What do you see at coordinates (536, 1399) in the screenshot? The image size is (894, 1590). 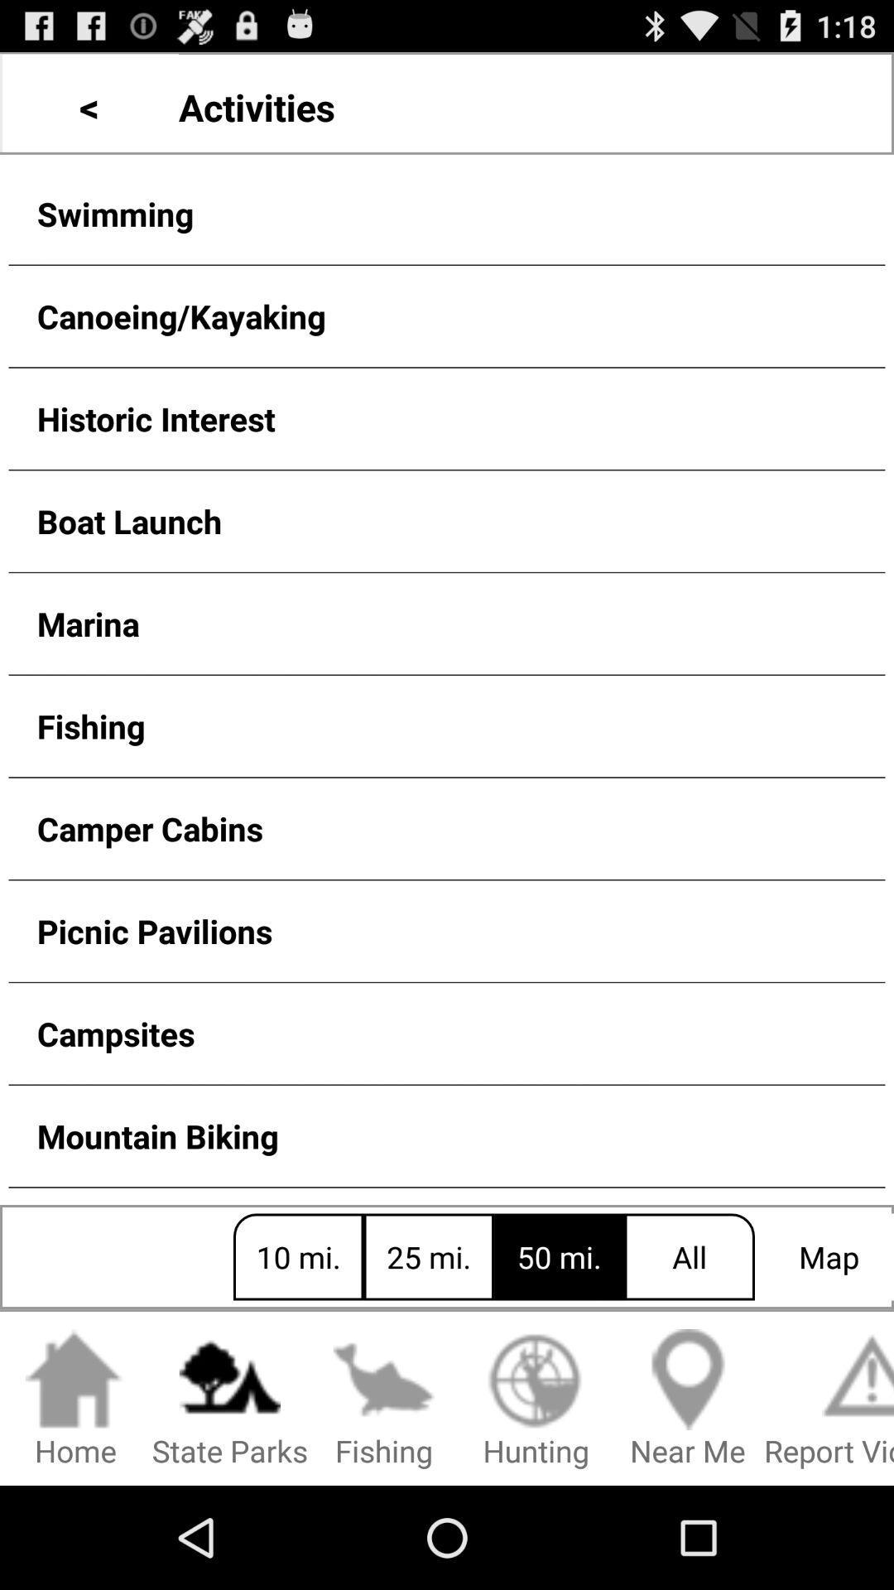 I see `the item next to near me item` at bounding box center [536, 1399].